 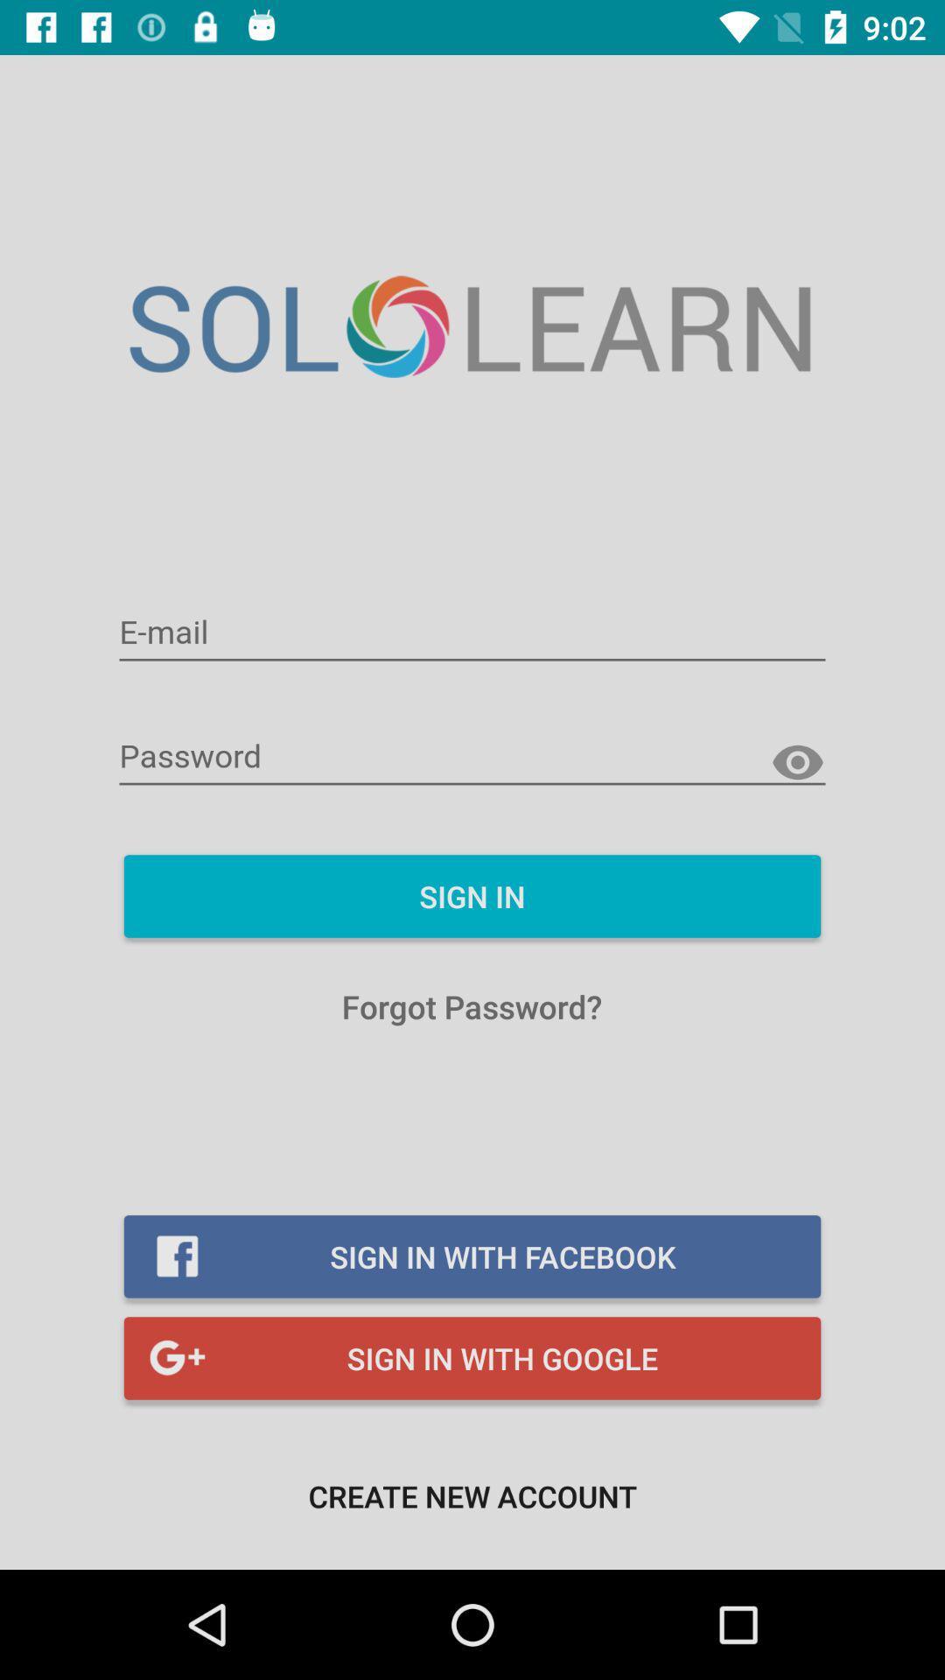 What do you see at coordinates (472, 633) in the screenshot?
I see `e-mail` at bounding box center [472, 633].